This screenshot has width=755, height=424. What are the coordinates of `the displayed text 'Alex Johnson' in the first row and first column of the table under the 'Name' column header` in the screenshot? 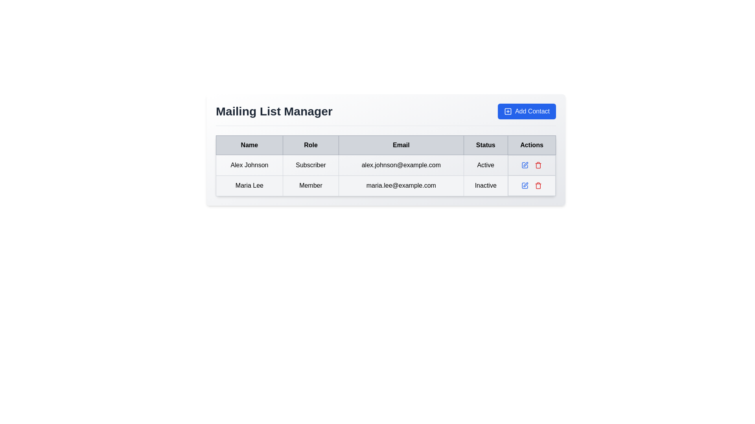 It's located at (249, 164).